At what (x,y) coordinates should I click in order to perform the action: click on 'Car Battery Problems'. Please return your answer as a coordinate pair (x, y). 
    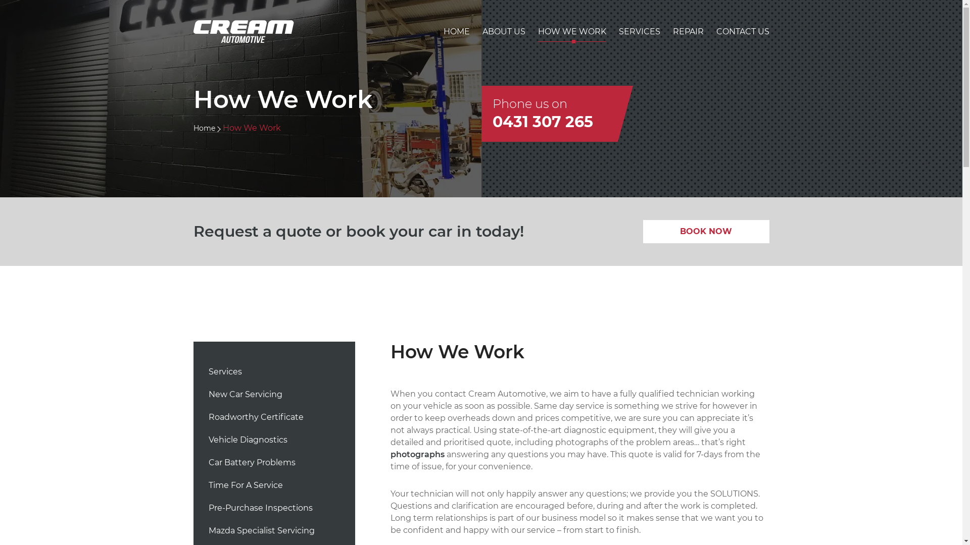
    Looking at the image, I should click on (252, 466).